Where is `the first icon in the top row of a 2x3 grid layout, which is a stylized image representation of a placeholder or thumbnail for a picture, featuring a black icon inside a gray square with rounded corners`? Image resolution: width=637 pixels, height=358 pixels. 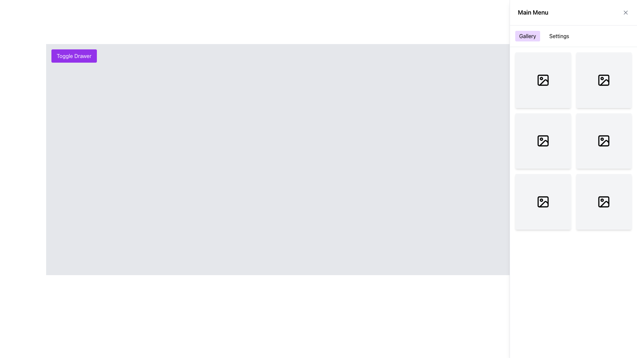 the first icon in the top row of a 2x3 grid layout, which is a stylized image representation of a placeholder or thumbnail for a picture, featuring a black icon inside a gray square with rounded corners is located at coordinates (543, 80).